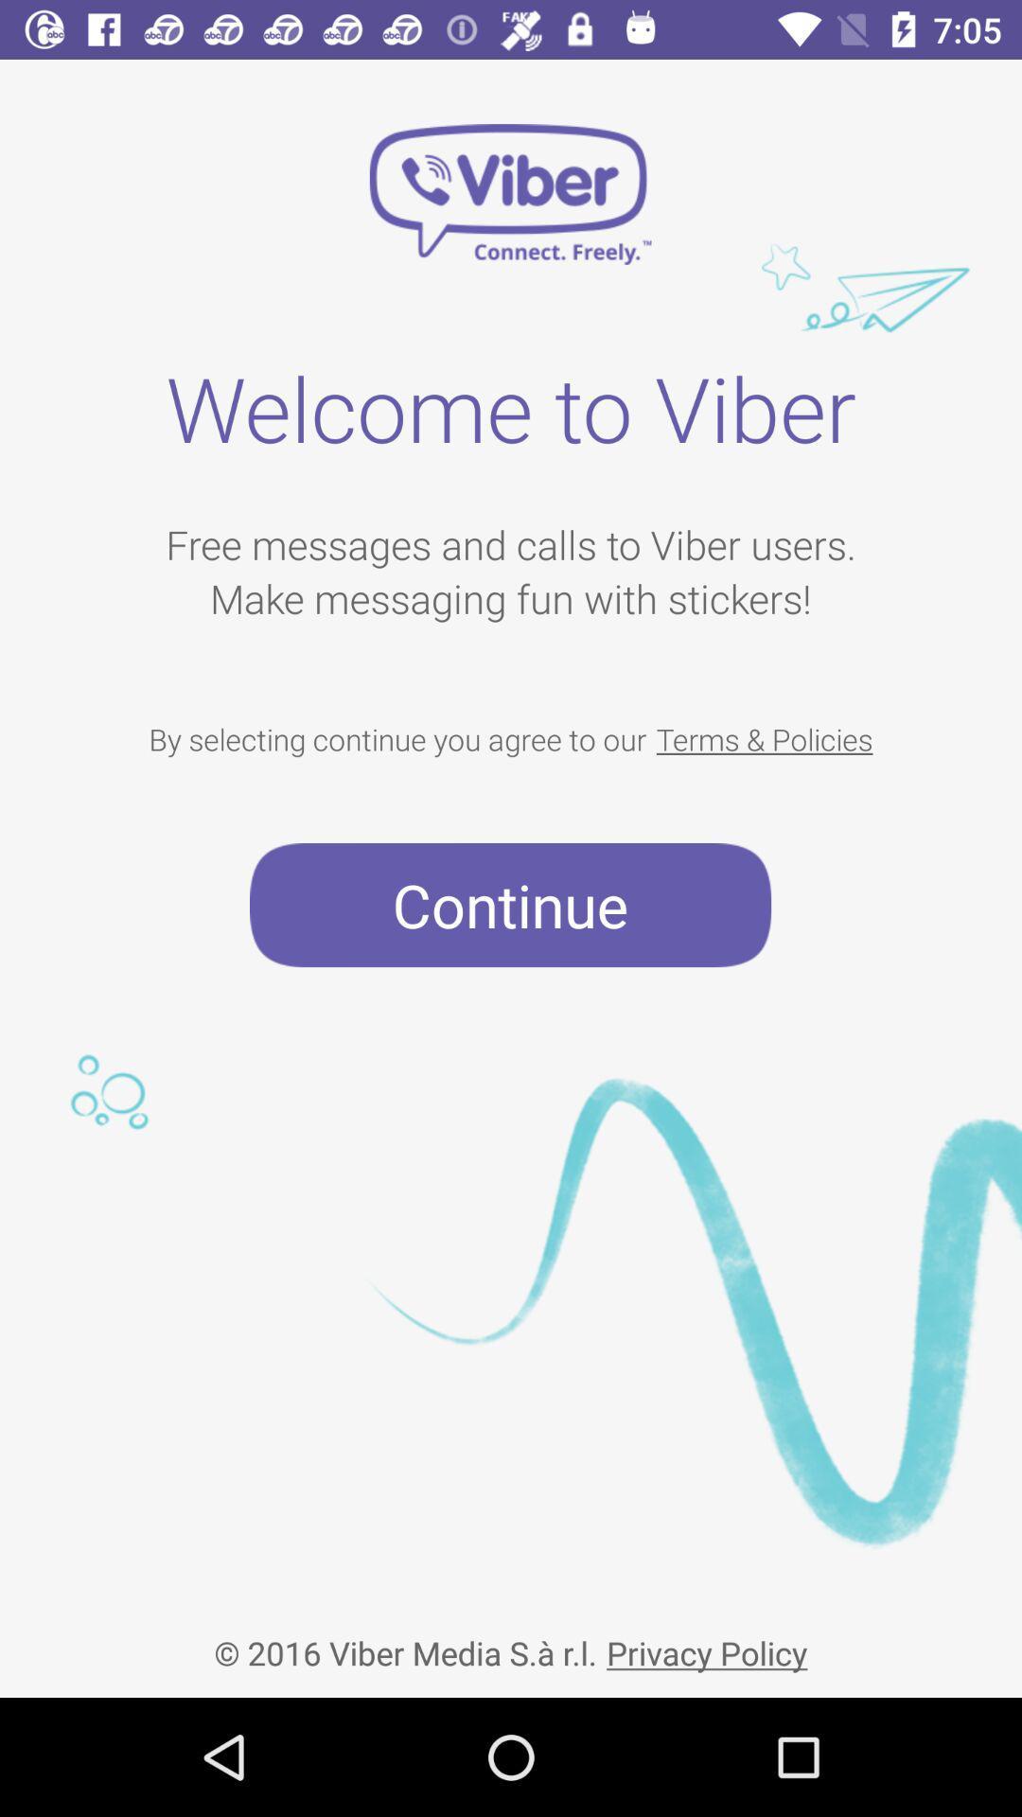  I want to click on the icon to the right of 2016 viber media, so click(707, 1636).